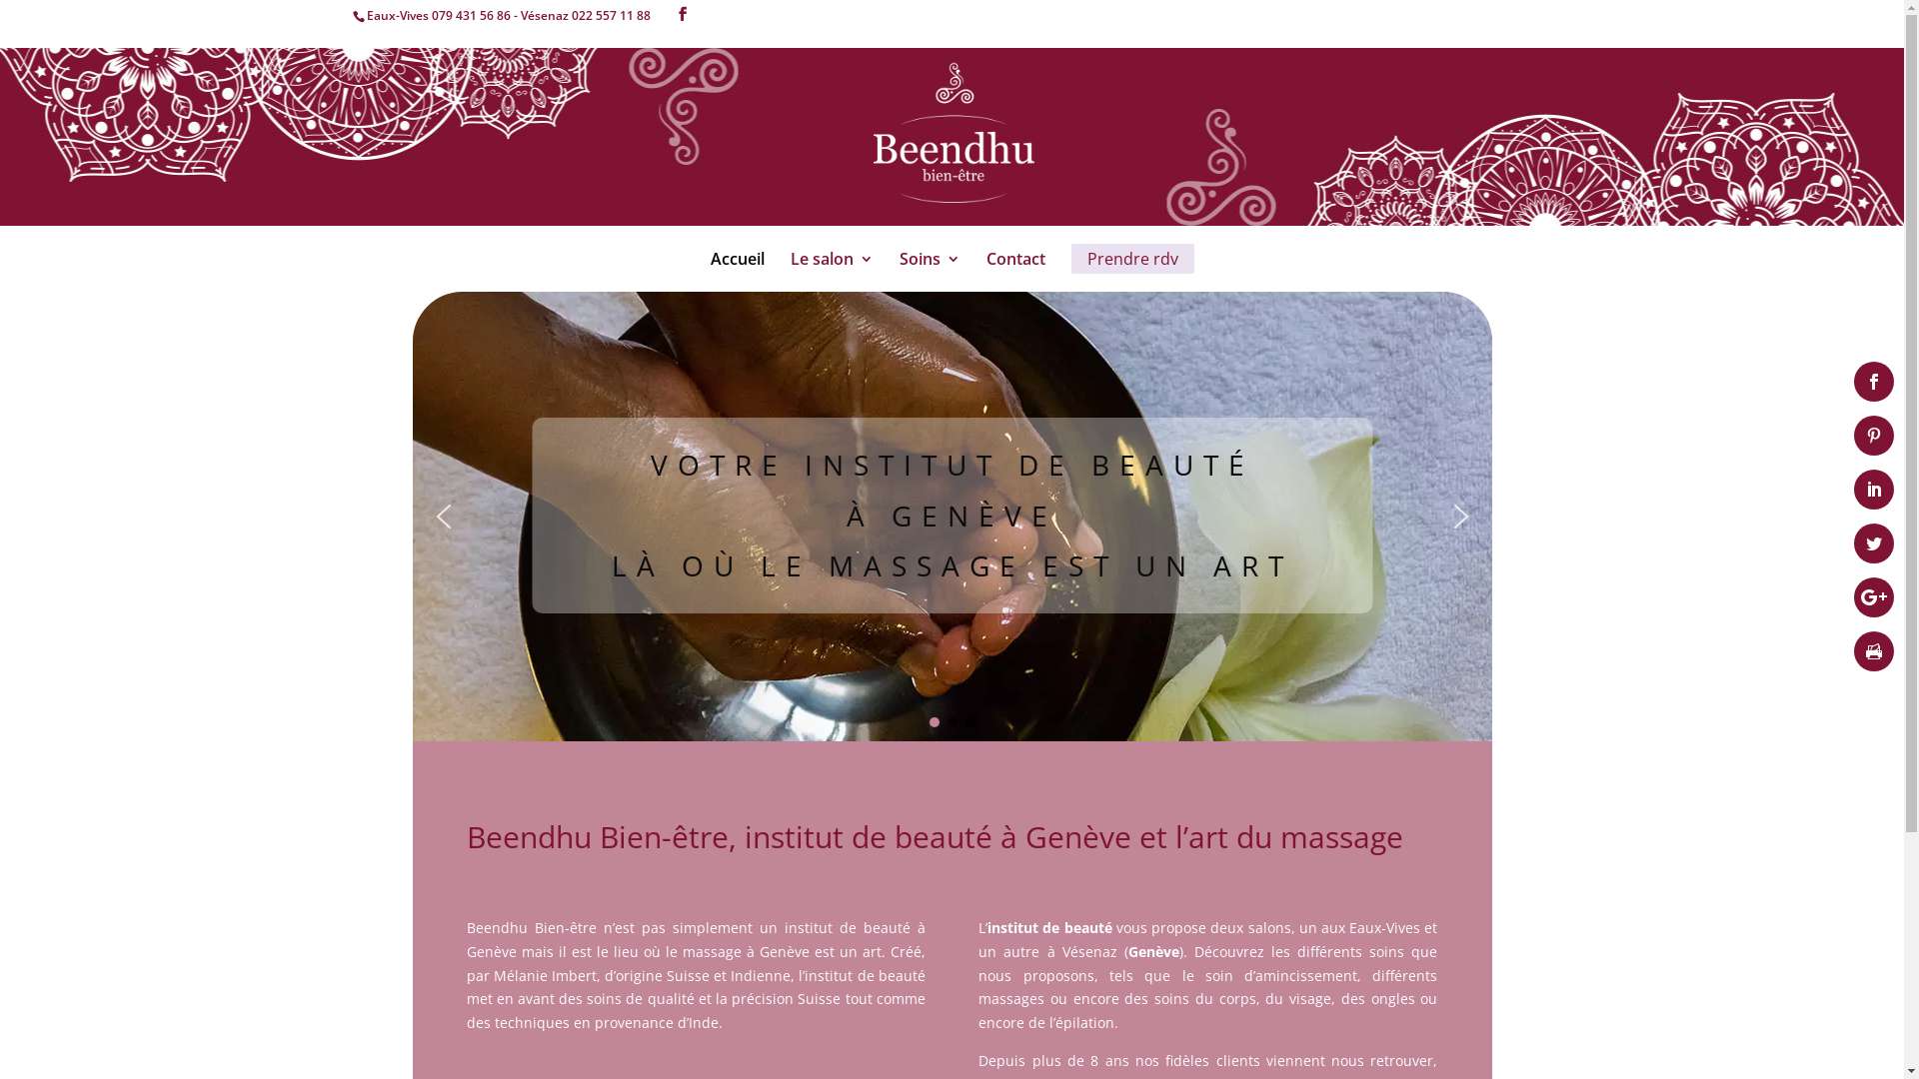  I want to click on 'Prendre rdv', so click(1132, 257).